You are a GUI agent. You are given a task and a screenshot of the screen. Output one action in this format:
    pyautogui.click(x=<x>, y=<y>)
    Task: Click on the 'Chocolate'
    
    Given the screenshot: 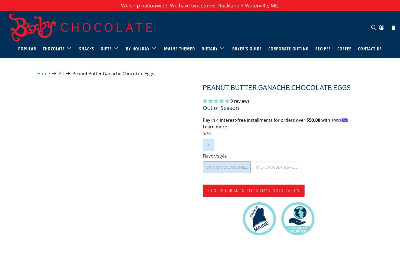 What is the action you would take?
    pyautogui.click(x=54, y=48)
    